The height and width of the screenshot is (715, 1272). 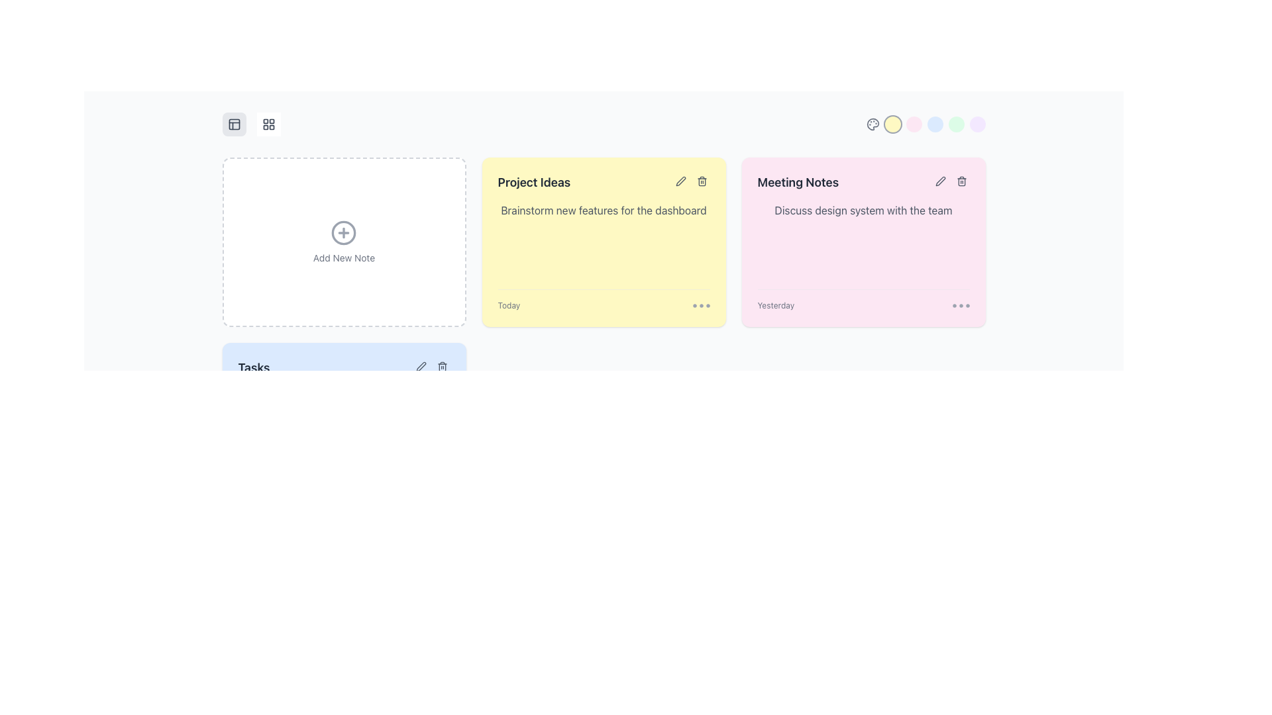 What do you see at coordinates (268, 124) in the screenshot?
I see `the button with a grid-like icon composed of four small squares arranged in a 2x2 pattern` at bounding box center [268, 124].